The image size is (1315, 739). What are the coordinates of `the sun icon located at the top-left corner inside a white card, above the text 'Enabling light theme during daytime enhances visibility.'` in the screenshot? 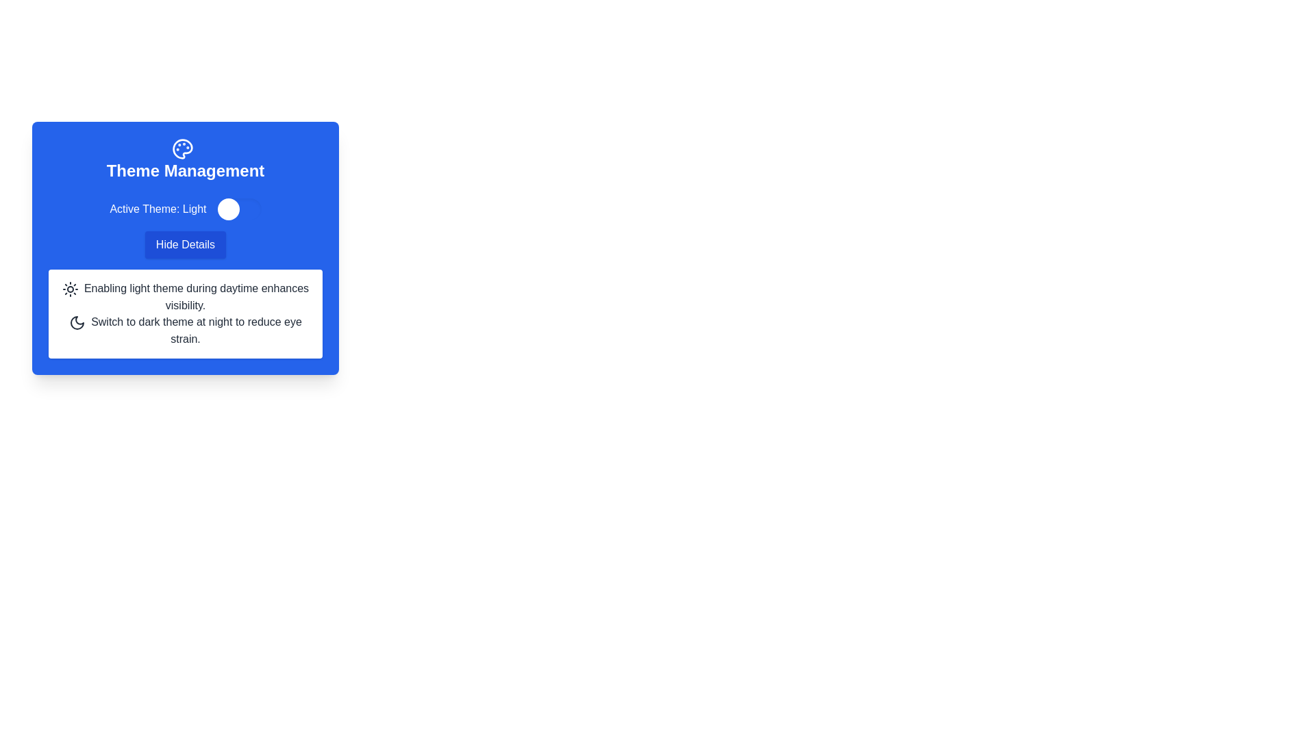 It's located at (69, 288).